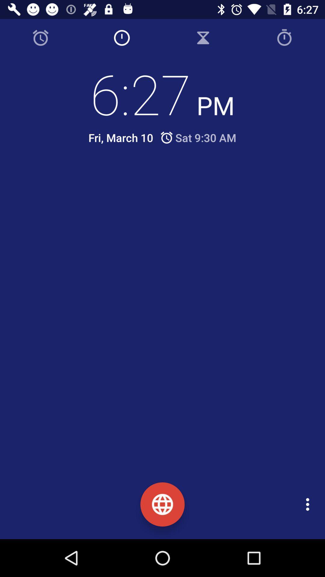  I want to click on item at the bottom right corner, so click(309, 504).